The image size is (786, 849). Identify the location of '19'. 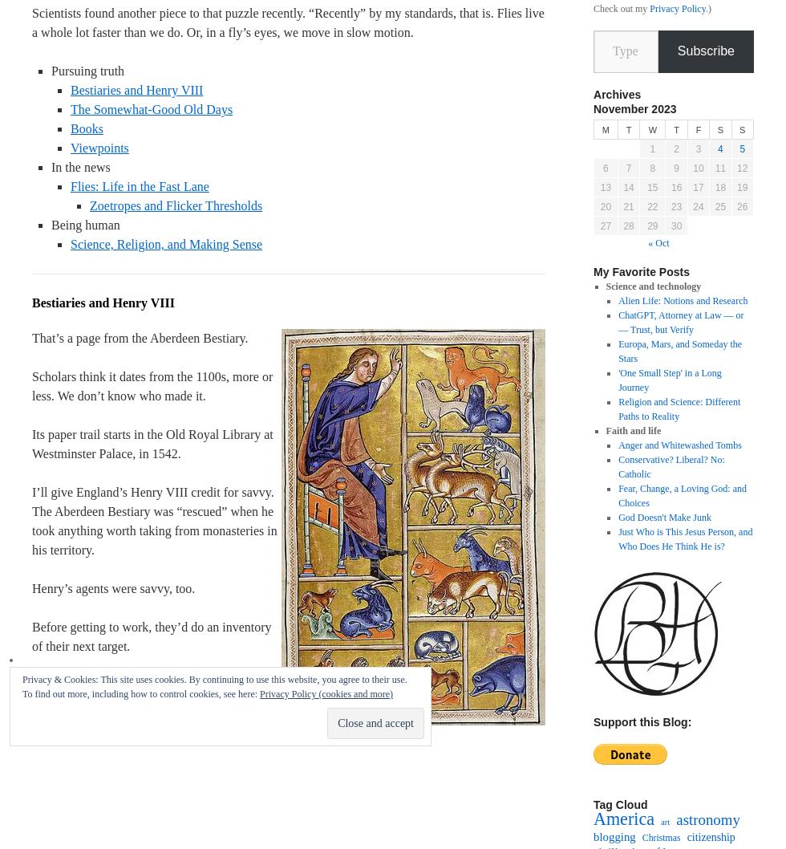
(742, 188).